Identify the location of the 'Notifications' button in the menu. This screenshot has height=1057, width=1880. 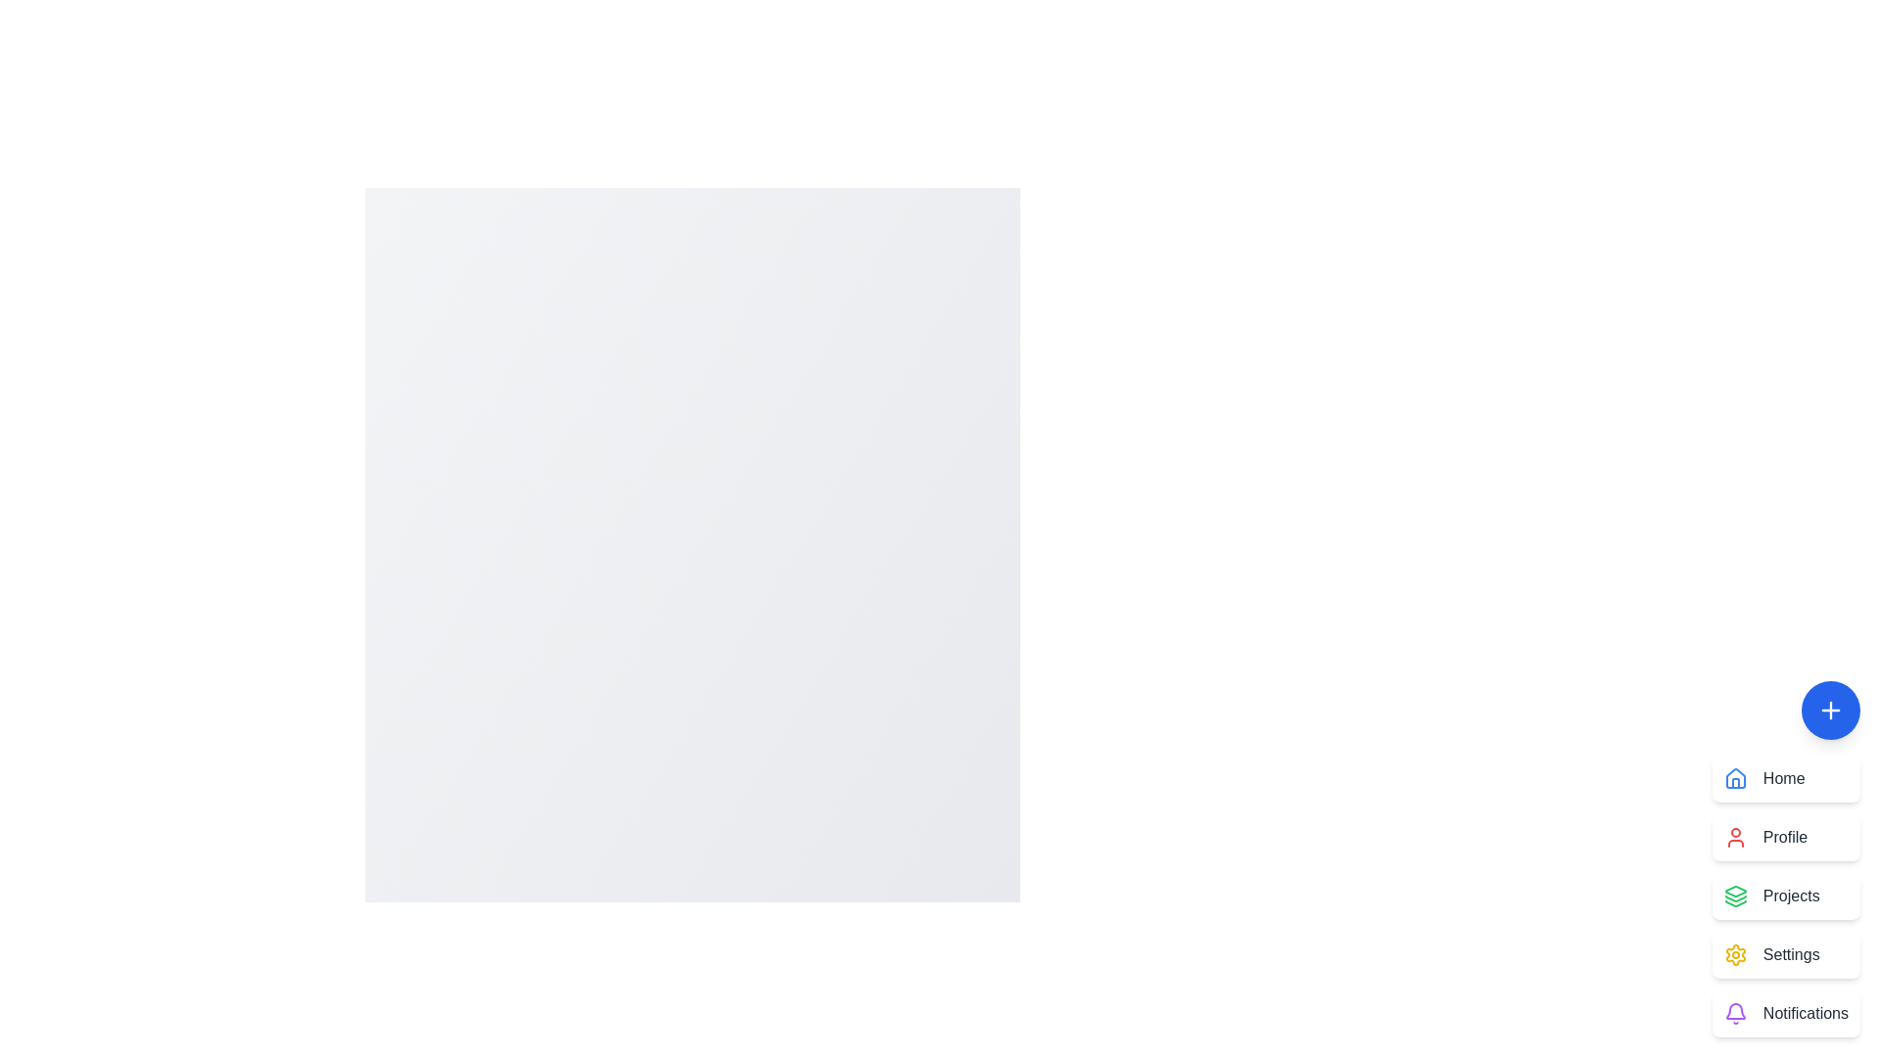
(1786, 1013).